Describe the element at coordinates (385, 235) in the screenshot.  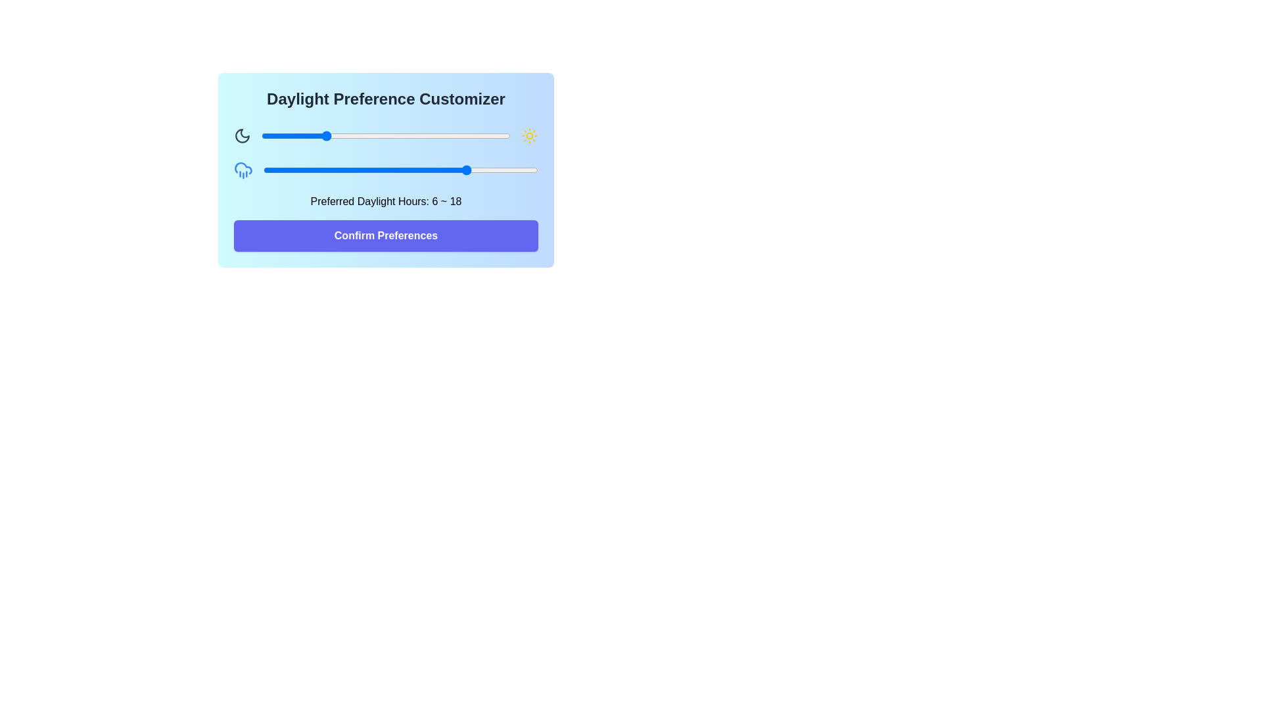
I see `the 'Confirm Preferences' button, which has a prominent indigo background and white bold text` at that location.